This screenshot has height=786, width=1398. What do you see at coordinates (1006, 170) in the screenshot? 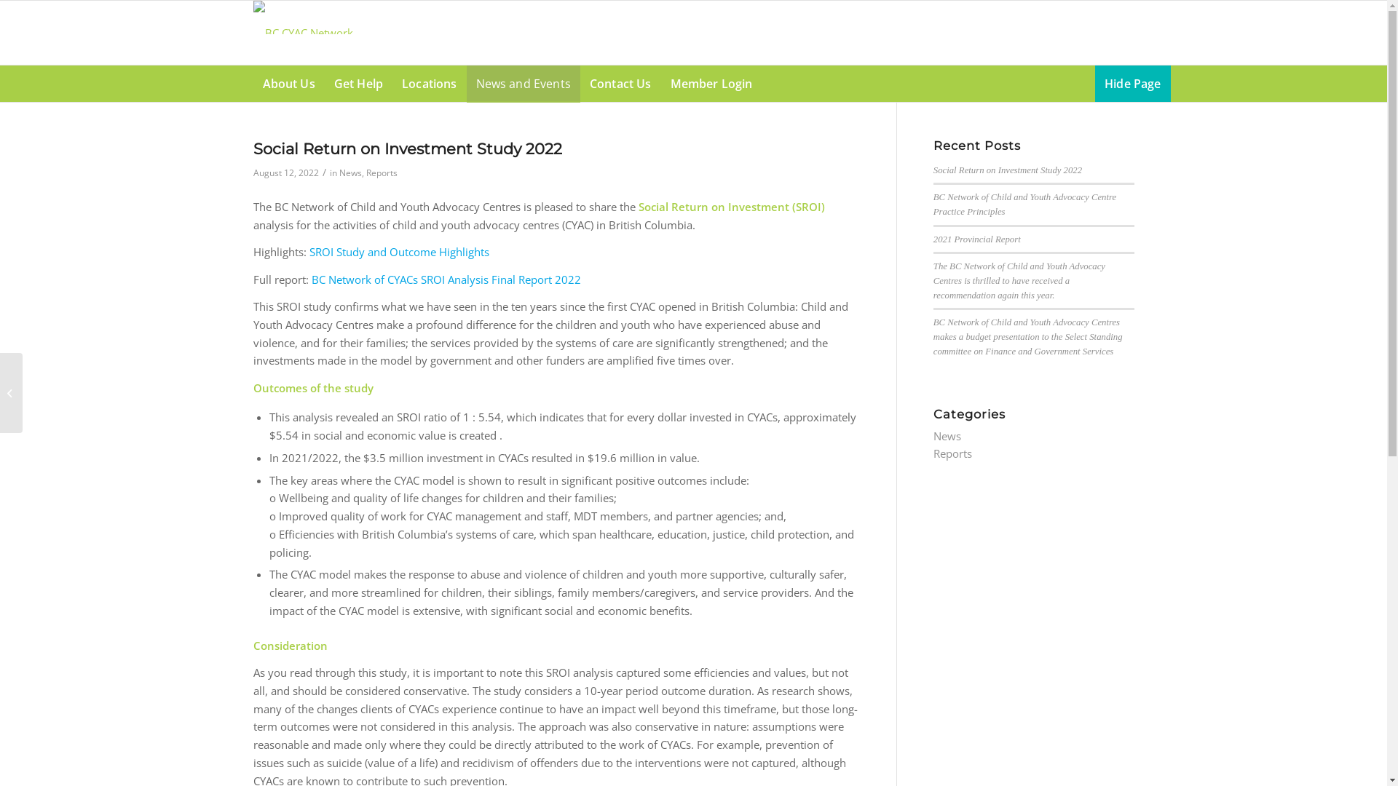
I see `'Social Return on Investment Study 2022'` at bounding box center [1006, 170].